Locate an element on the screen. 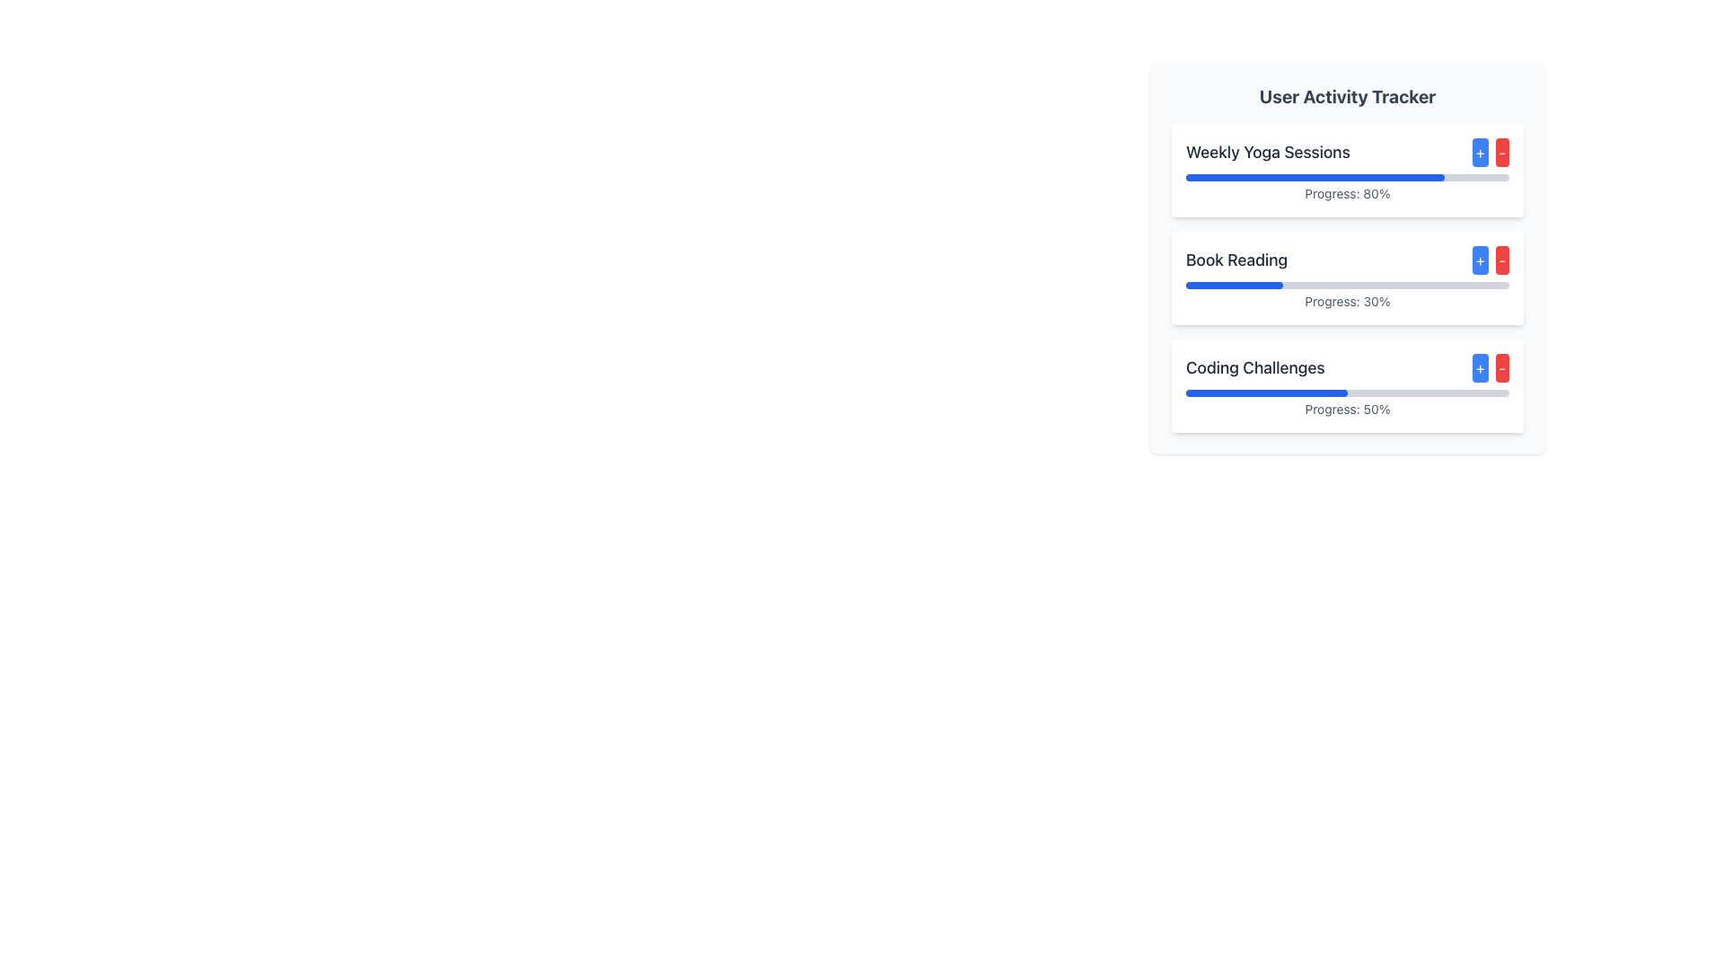 Image resolution: width=1724 pixels, height=970 pixels. the blue '+' button located on the left side of the Button Group in the 'Coding Challenges' section of the 'User Activity Tracker' card to increment the value is located at coordinates (1491, 366).